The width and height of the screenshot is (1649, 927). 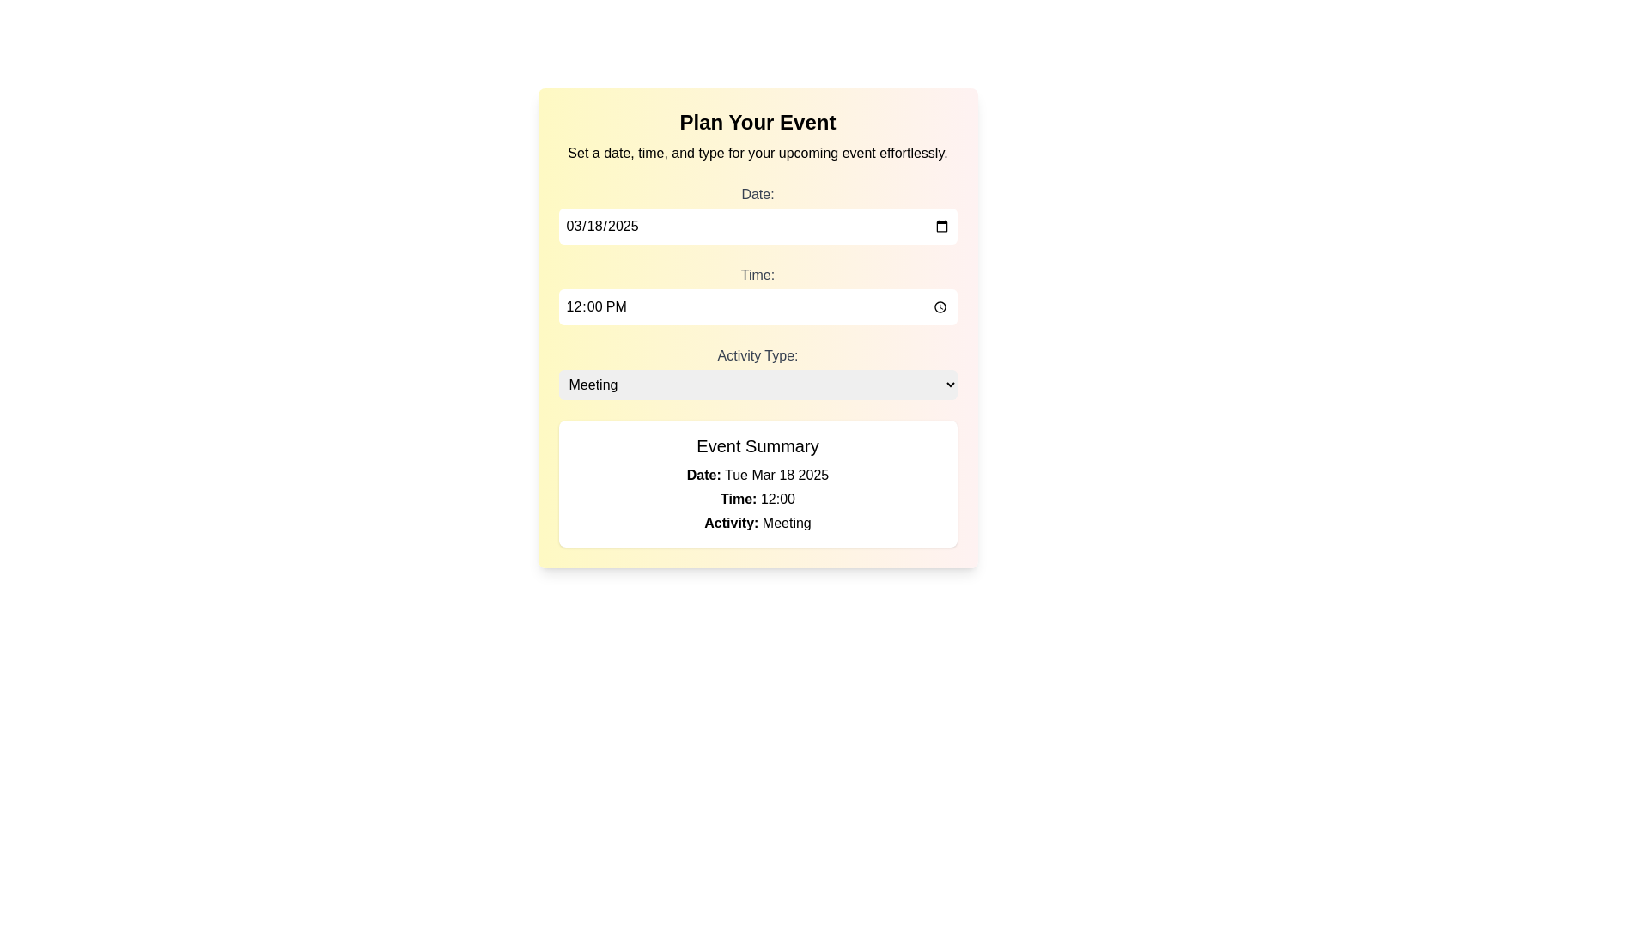 What do you see at coordinates (739, 499) in the screenshot?
I see `the label that describes the adjacent time value ('12:00') in the 'Event Summary' section, which is located below the 'Date:' label` at bounding box center [739, 499].